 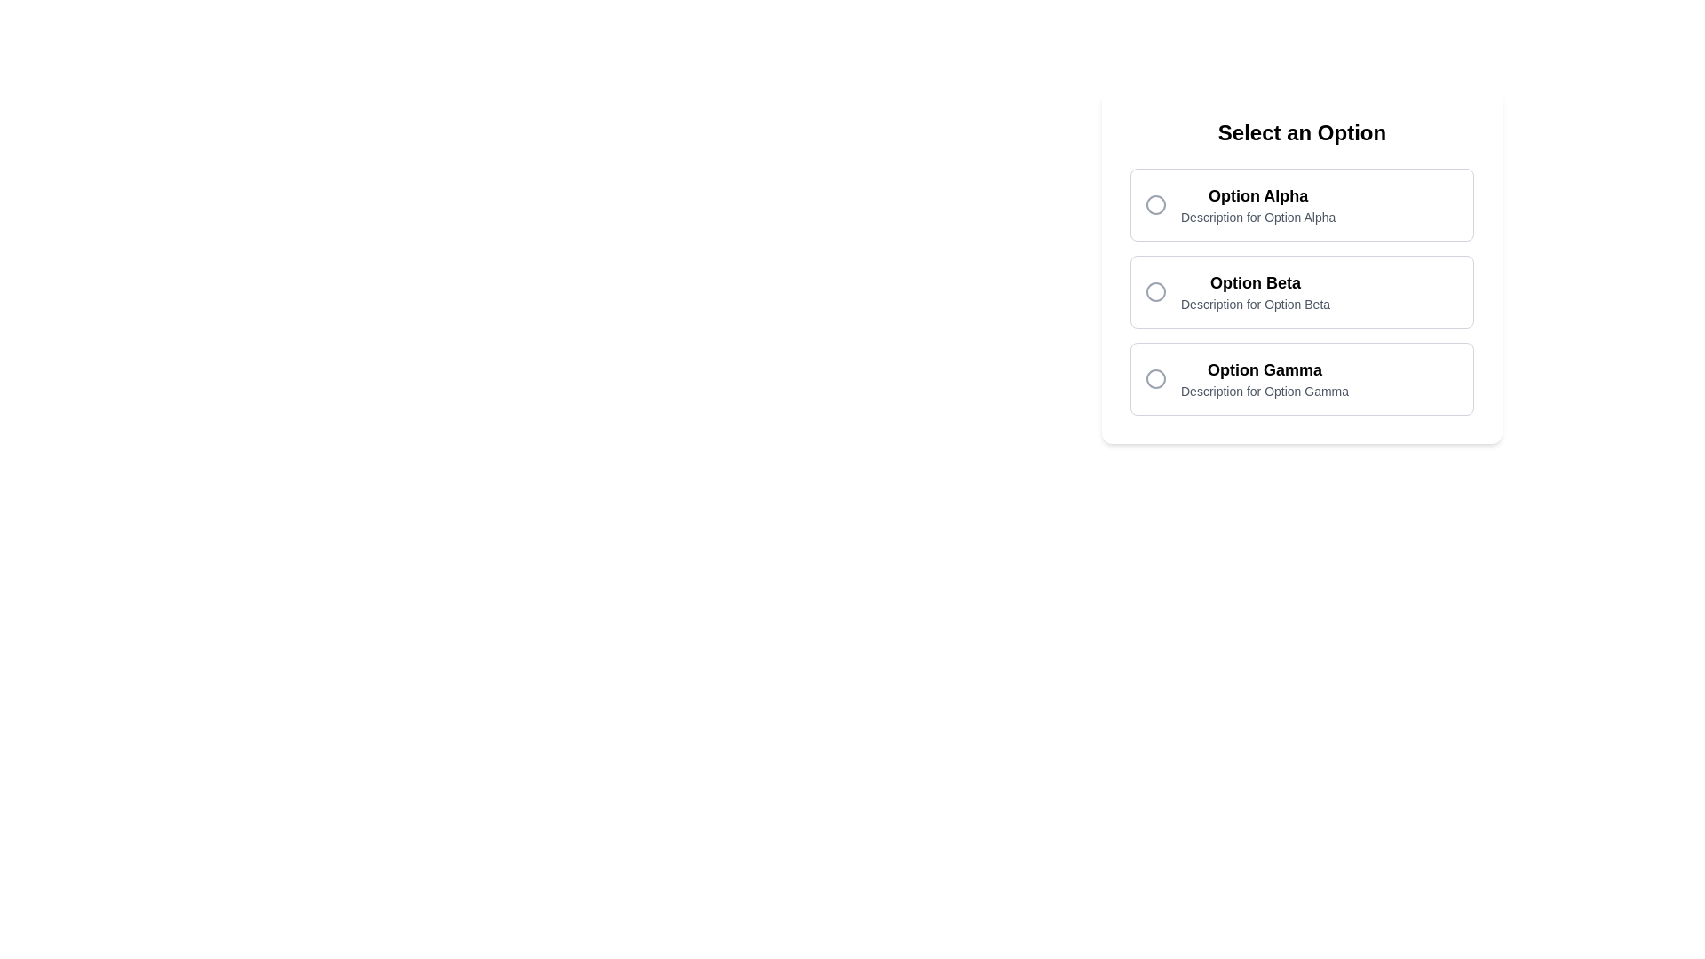 What do you see at coordinates (1255, 304) in the screenshot?
I see `the text label reading 'Description for Option Beta' located centrally beneath the option label 'Option Beta' within the 'Select an Option' card` at bounding box center [1255, 304].